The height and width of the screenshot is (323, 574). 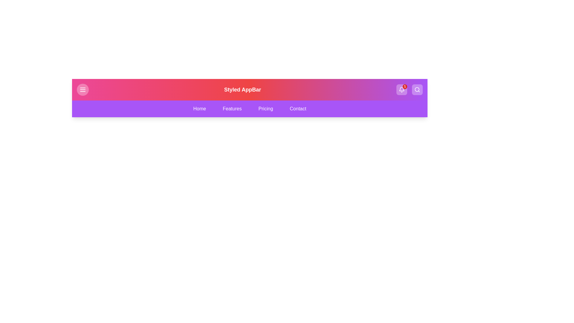 I want to click on the search button in the StyledAppBar, so click(x=417, y=90).